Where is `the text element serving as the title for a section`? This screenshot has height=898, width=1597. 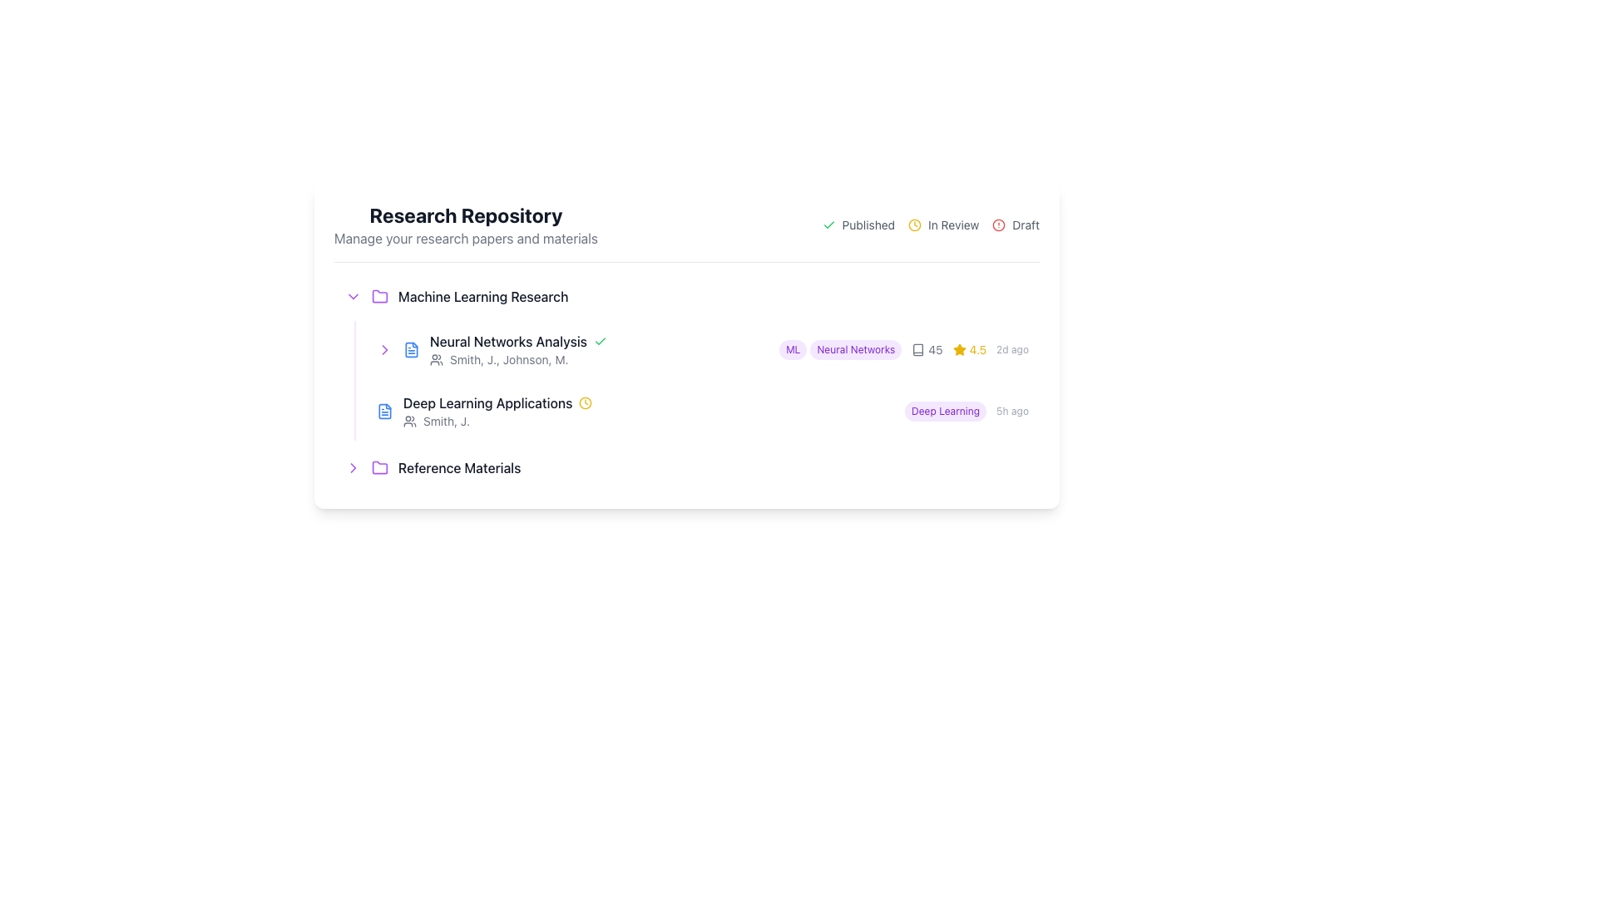 the text element serving as the title for a section is located at coordinates (482, 296).